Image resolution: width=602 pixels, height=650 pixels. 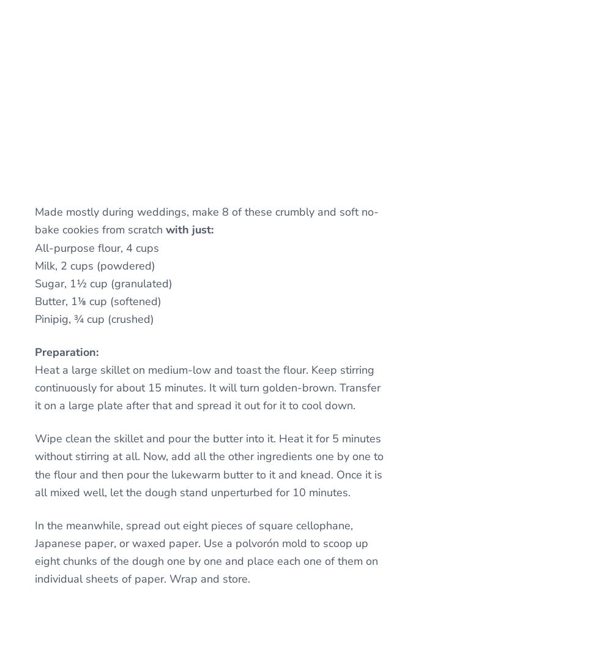 I want to click on 'Wipe clean the skillet and pour the butter into it. Heat it for 5 minutes without stirring at all. Now, add all the other ingredients one by one to the flour and then pour the lukewarm butter to it and knead. Once it is all mixed well, let the dough stand unperturbed for 10 minutes.', so click(x=209, y=465).